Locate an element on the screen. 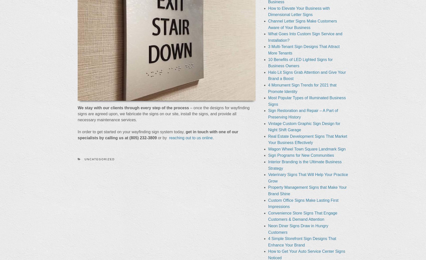  '3 Multi-Tenant Sign Designs That Attract More Tenants' is located at coordinates (303, 49).